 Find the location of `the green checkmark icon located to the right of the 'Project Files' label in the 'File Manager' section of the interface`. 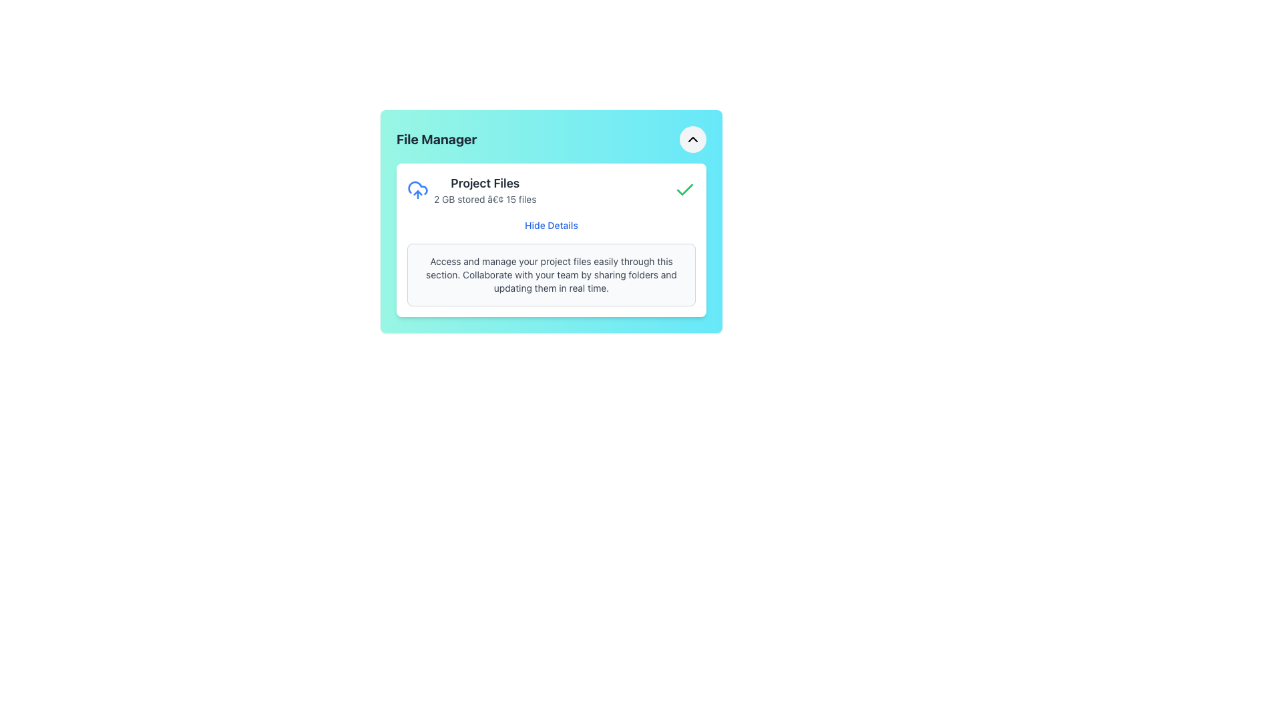

the green checkmark icon located to the right of the 'Project Files' label in the 'File Manager' section of the interface is located at coordinates (685, 190).